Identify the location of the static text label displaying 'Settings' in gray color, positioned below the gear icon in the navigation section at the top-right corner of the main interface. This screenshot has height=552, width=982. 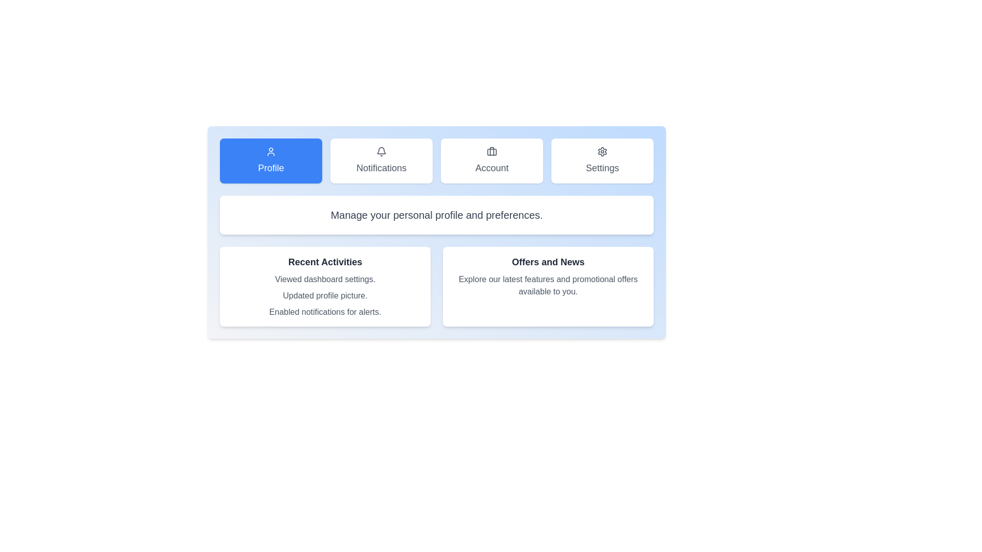
(602, 167).